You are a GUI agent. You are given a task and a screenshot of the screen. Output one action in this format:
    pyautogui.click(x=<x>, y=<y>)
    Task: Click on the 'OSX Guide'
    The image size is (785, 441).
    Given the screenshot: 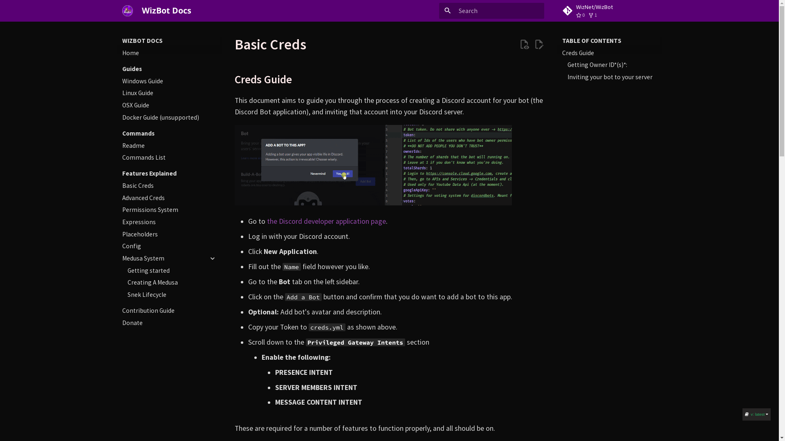 What is the action you would take?
    pyautogui.click(x=121, y=105)
    